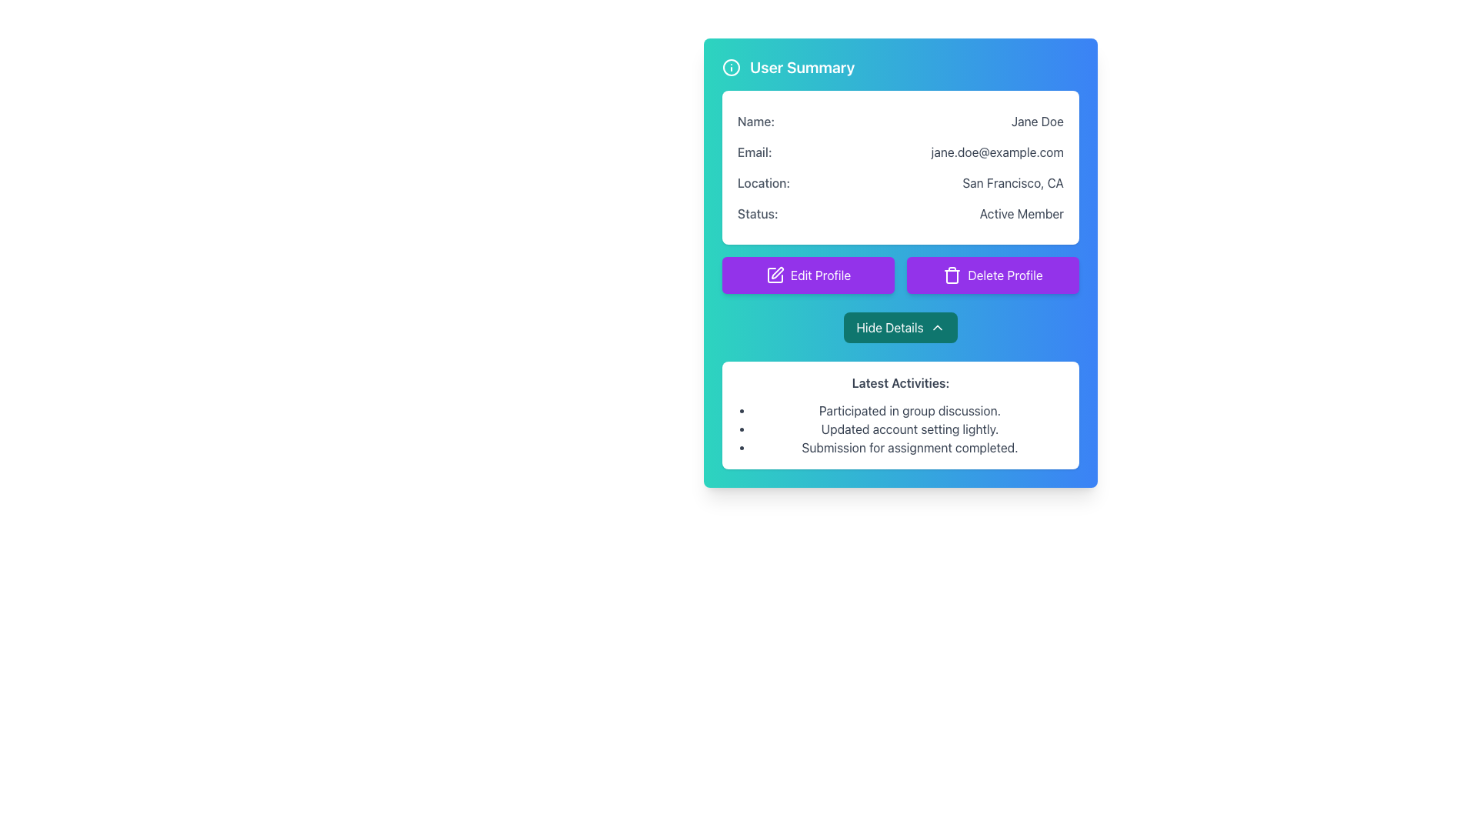 The width and height of the screenshot is (1477, 831). What do you see at coordinates (952, 275) in the screenshot?
I see `the delete icon located within the 'Delete Profile' button, which is distinguished by its purple color and labeled 'Delete Profile'` at bounding box center [952, 275].